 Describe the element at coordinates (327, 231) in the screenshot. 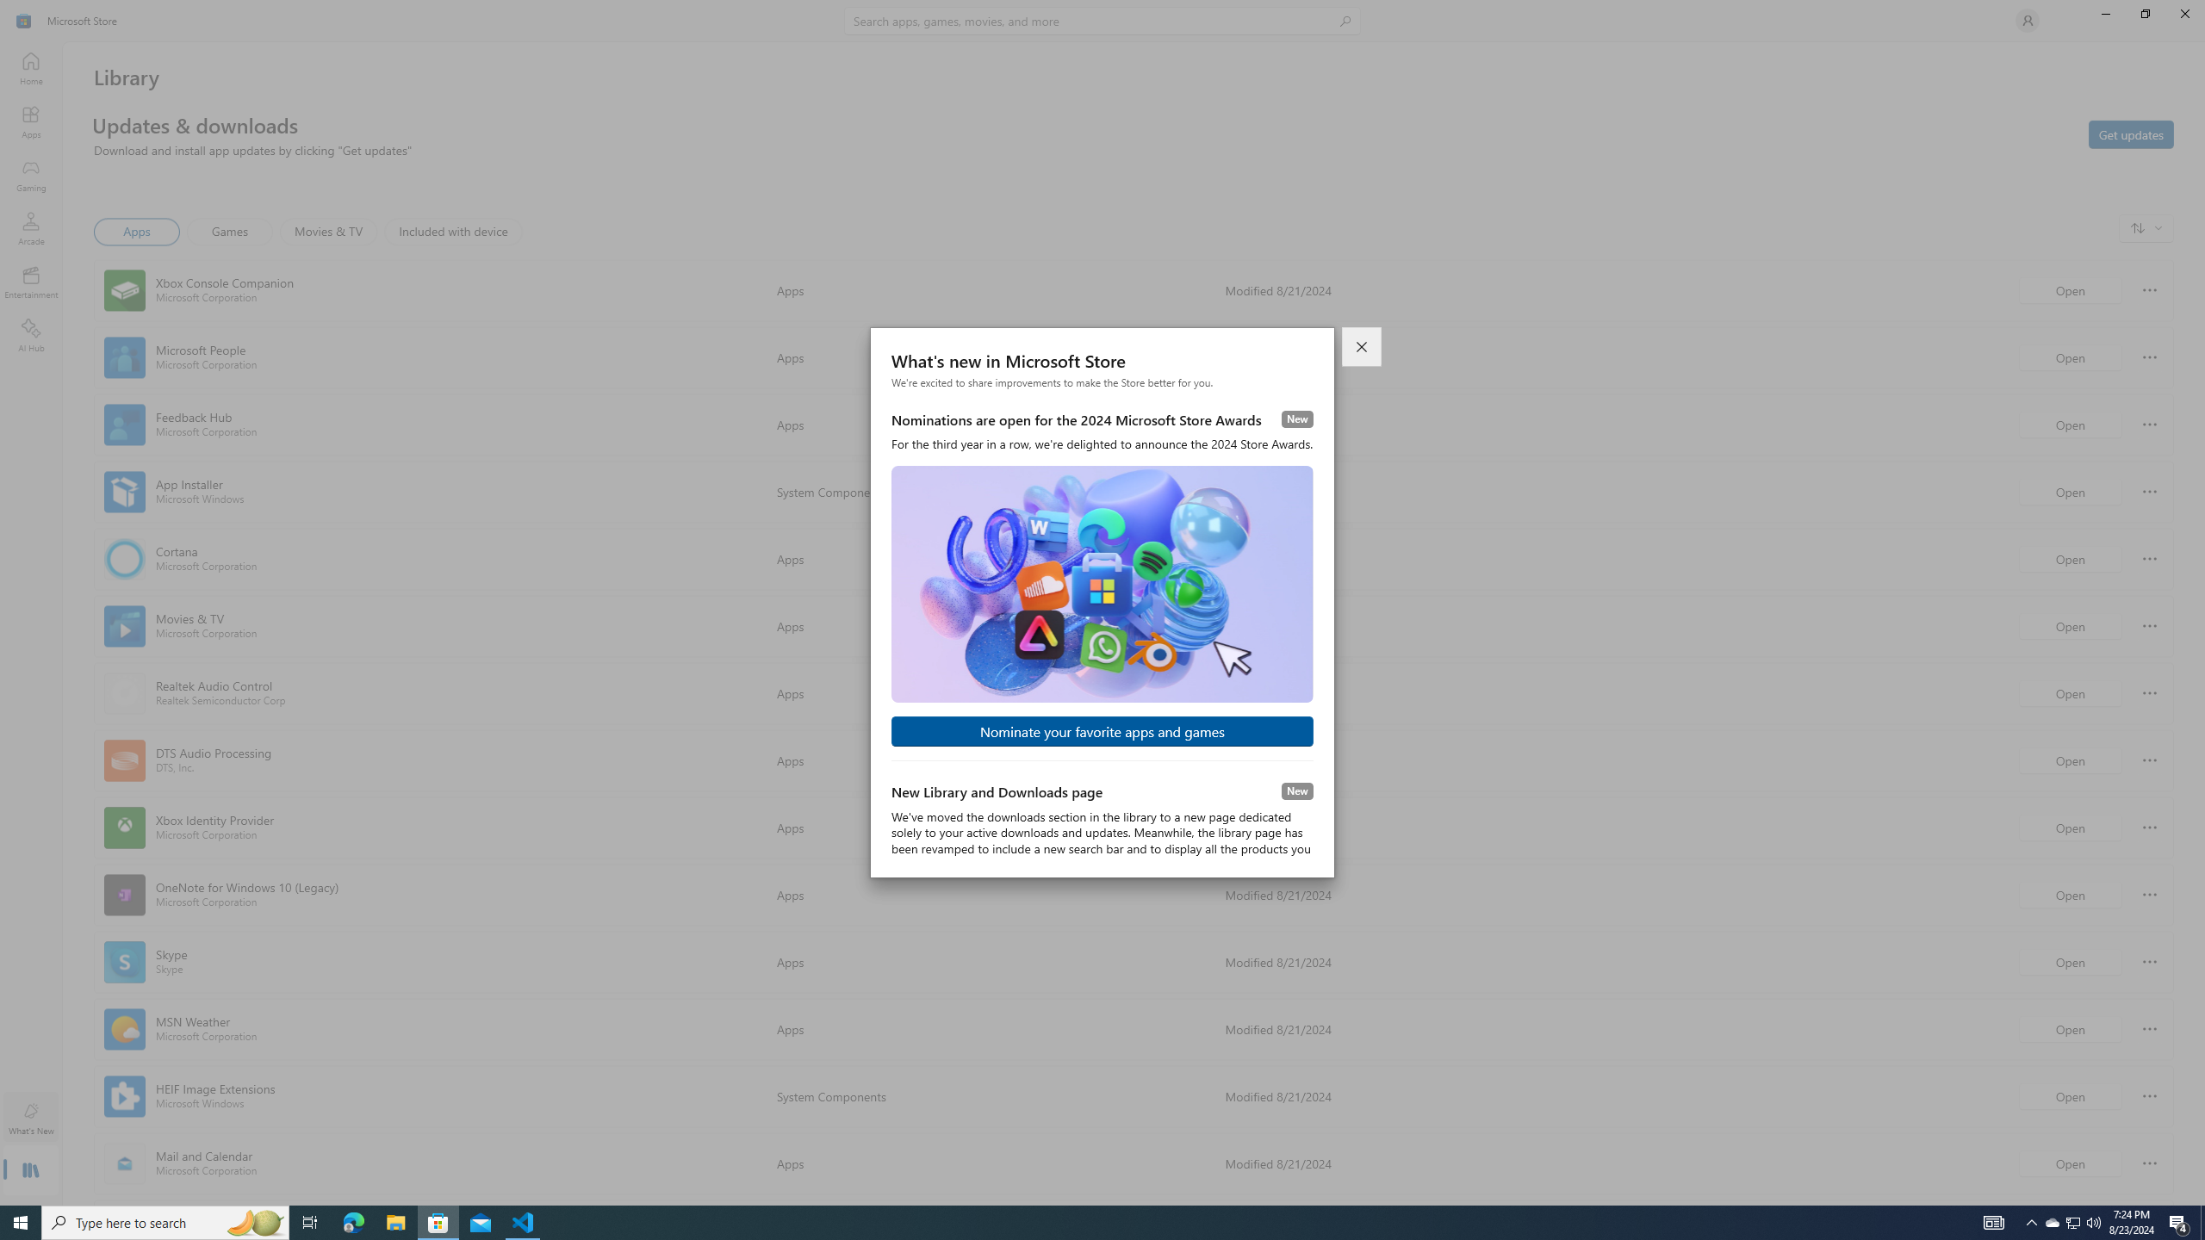

I see `'Movies & TV'` at that location.